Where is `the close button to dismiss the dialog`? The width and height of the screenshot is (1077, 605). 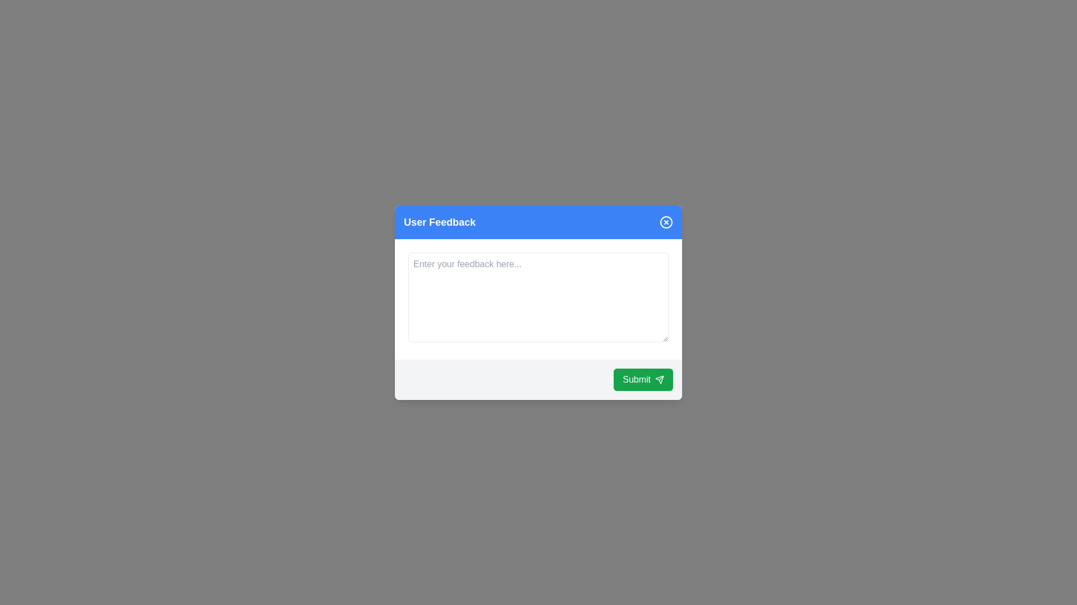 the close button to dismiss the dialog is located at coordinates (666, 222).